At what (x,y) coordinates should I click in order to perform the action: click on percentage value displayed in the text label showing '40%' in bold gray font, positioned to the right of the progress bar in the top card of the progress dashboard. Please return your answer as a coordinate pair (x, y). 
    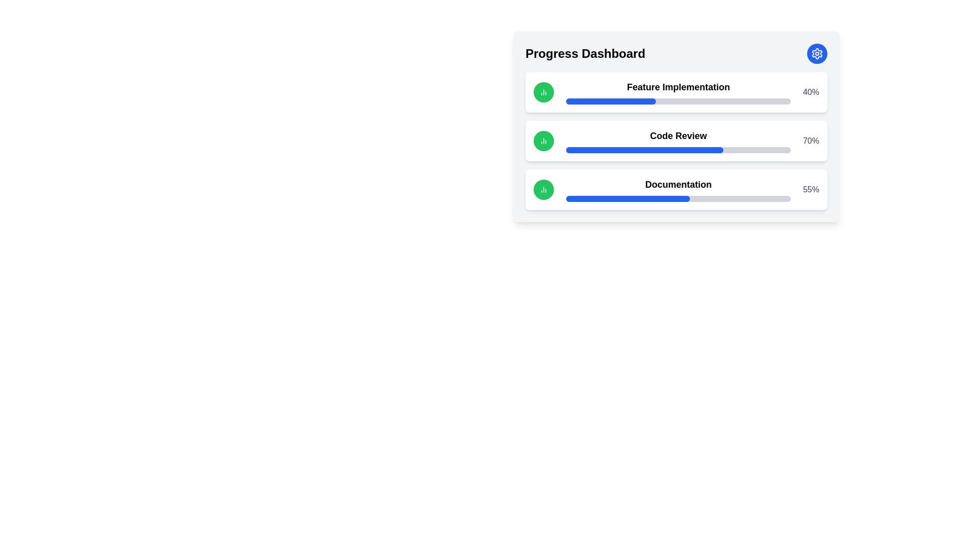
    Looking at the image, I should click on (810, 92).